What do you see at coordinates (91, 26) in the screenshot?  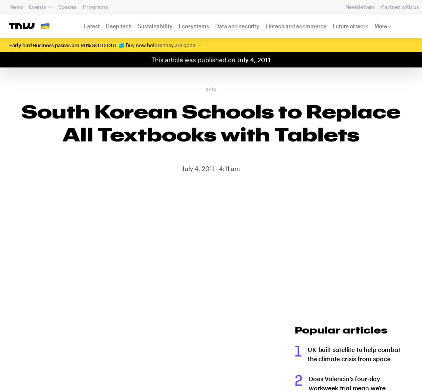 I see `'Latest'` at bounding box center [91, 26].